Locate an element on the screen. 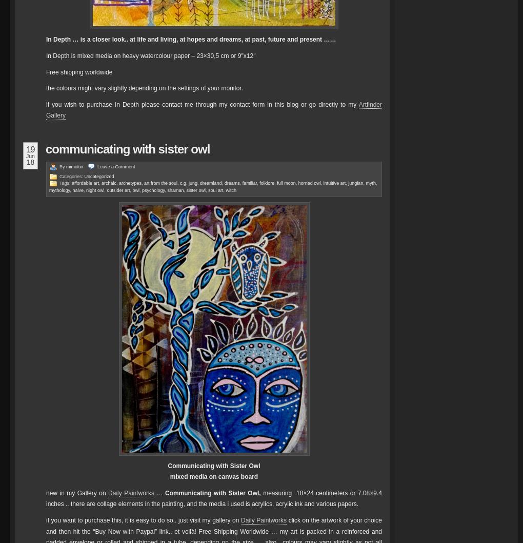 The image size is (523, 543). 'horned owl' is located at coordinates (309, 183).